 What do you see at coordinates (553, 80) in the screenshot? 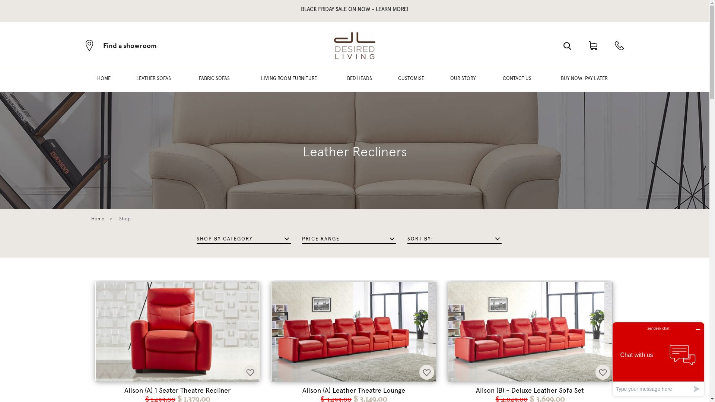
I see `'BUY NOW, PAY LATER'` at bounding box center [553, 80].